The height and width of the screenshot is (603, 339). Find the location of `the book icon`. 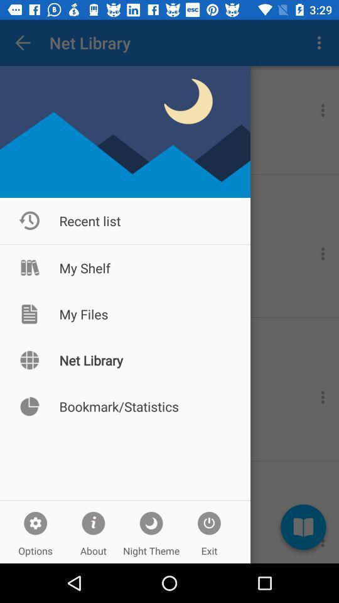

the book icon is located at coordinates (303, 528).